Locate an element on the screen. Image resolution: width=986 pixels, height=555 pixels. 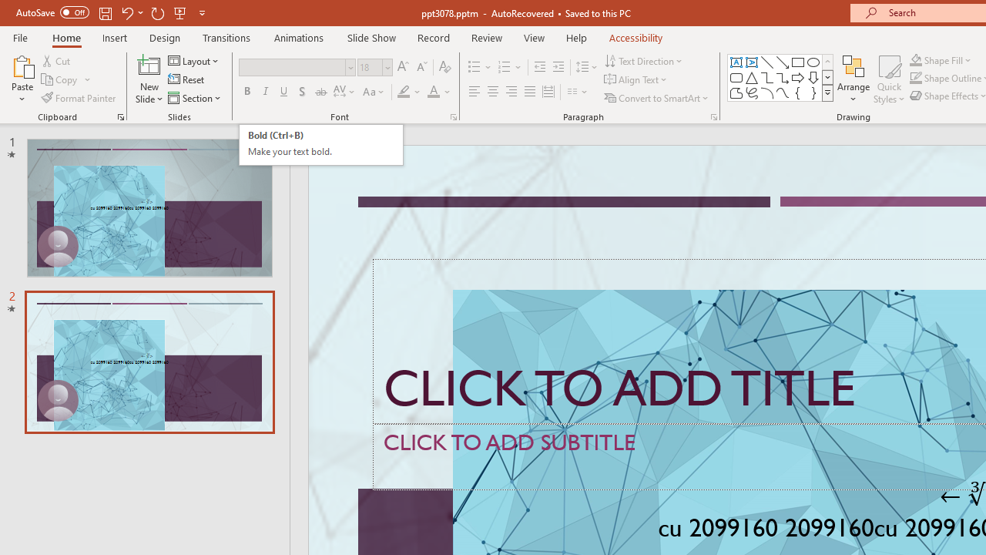
'Vertical Text Box' is located at coordinates (752, 62).